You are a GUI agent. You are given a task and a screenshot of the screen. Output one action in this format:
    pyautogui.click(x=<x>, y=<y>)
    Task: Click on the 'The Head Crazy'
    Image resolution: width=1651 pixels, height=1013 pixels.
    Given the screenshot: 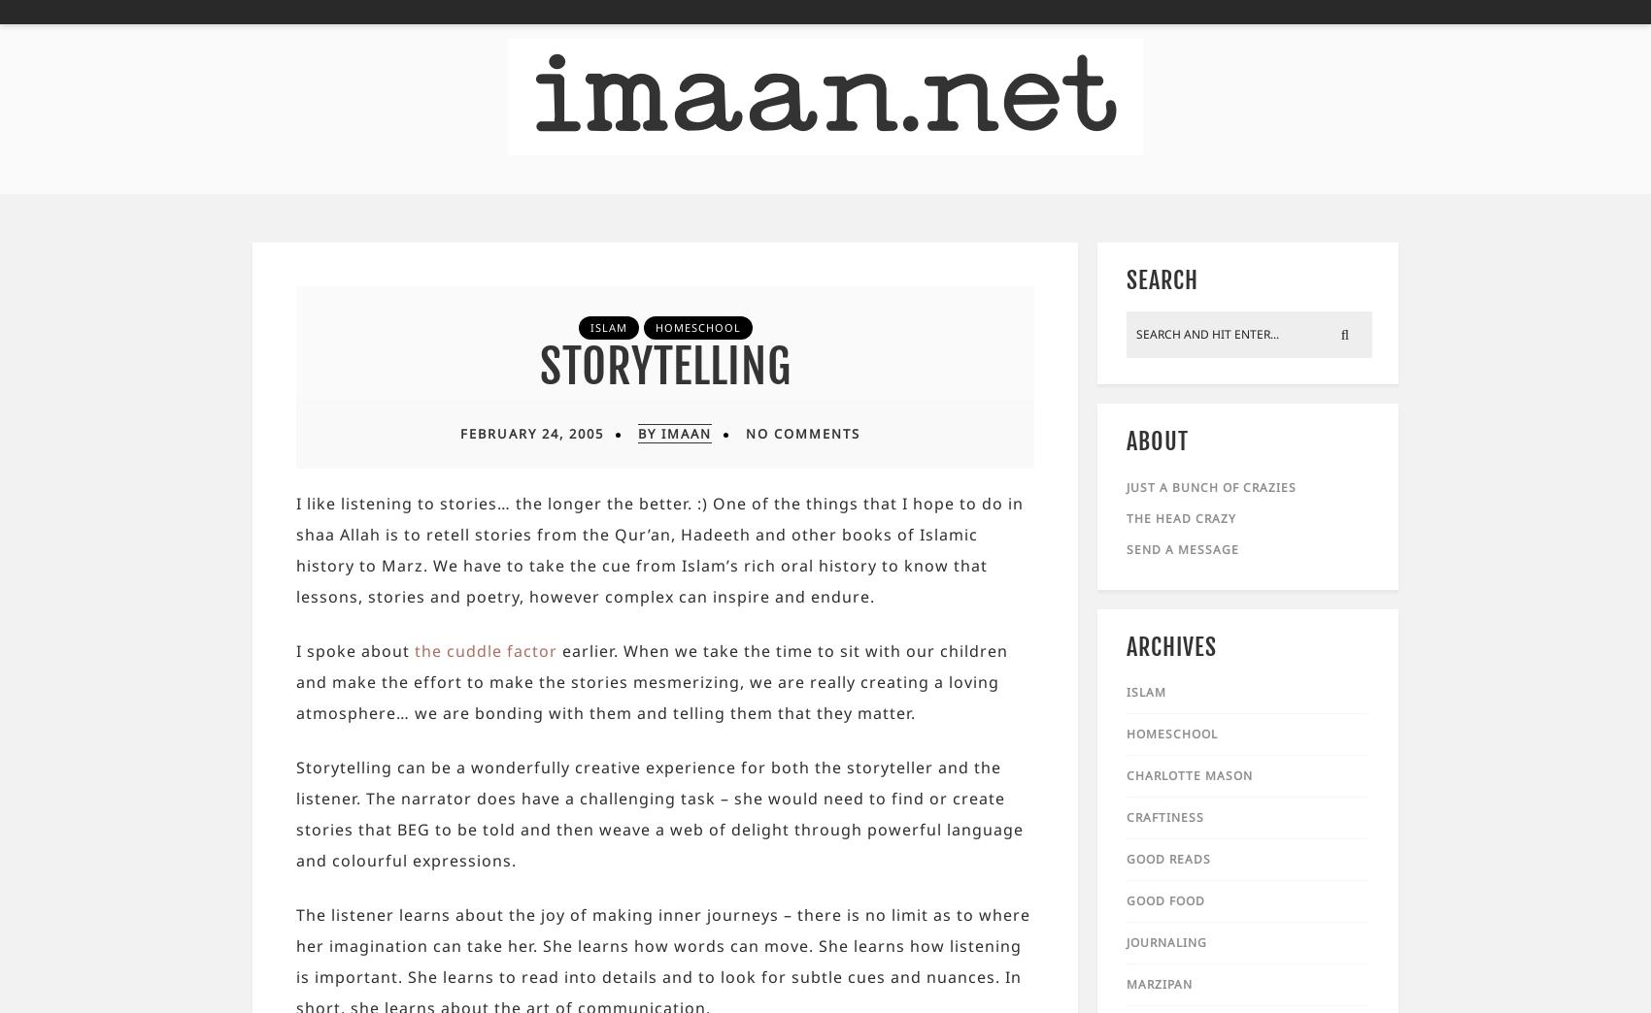 What is the action you would take?
    pyautogui.click(x=1180, y=516)
    